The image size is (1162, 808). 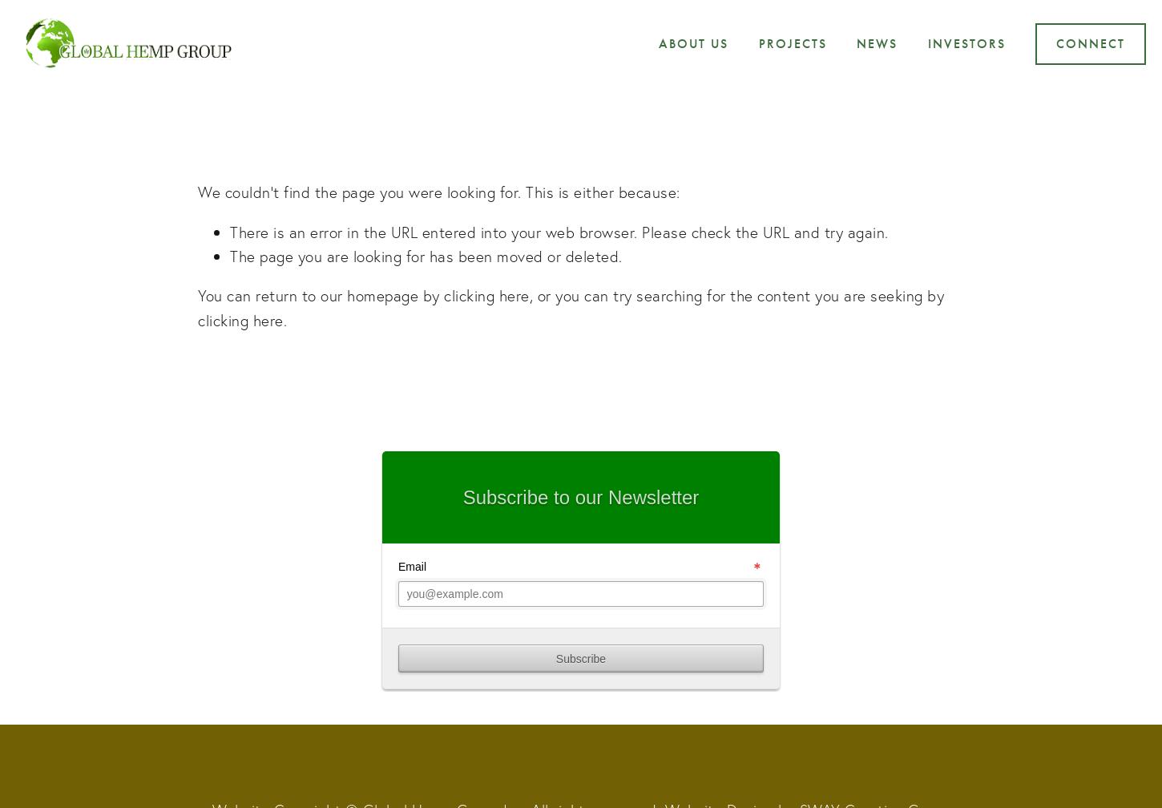 What do you see at coordinates (426, 256) in the screenshot?
I see `'The page you are looking for has been moved or deleted.'` at bounding box center [426, 256].